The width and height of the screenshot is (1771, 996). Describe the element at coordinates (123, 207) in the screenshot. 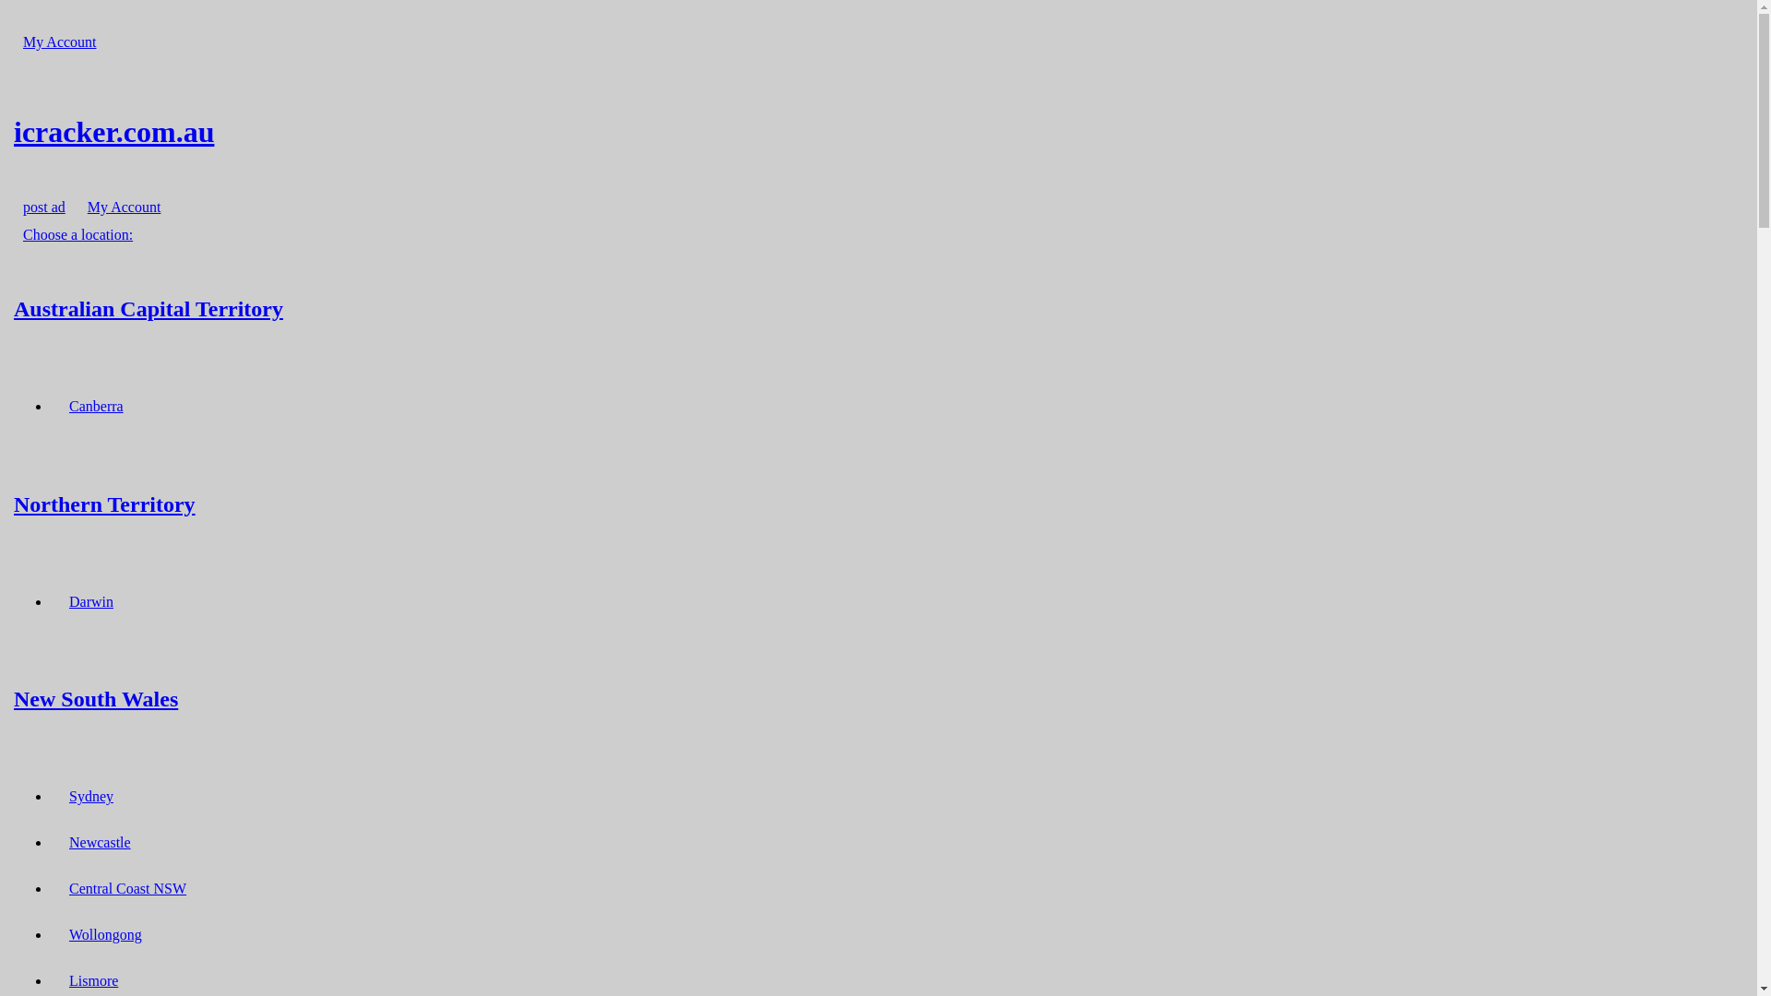

I see `'My Account'` at that location.